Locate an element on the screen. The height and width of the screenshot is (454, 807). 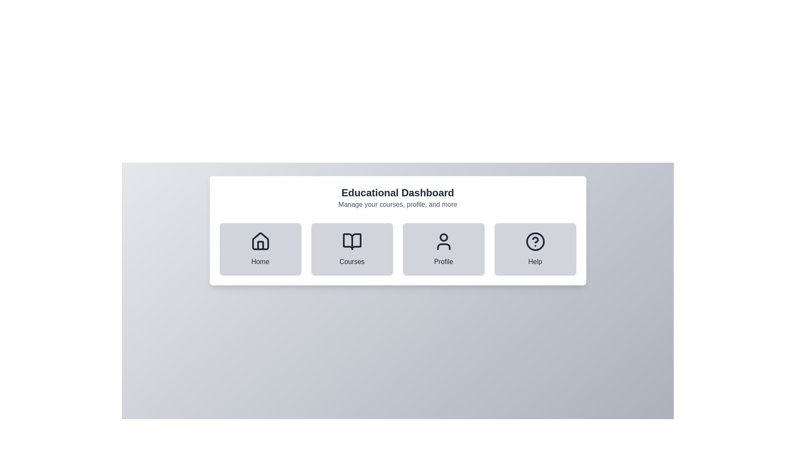
the house outline icon, which is dark gray and transitions to indigo on hover is located at coordinates (260, 241).